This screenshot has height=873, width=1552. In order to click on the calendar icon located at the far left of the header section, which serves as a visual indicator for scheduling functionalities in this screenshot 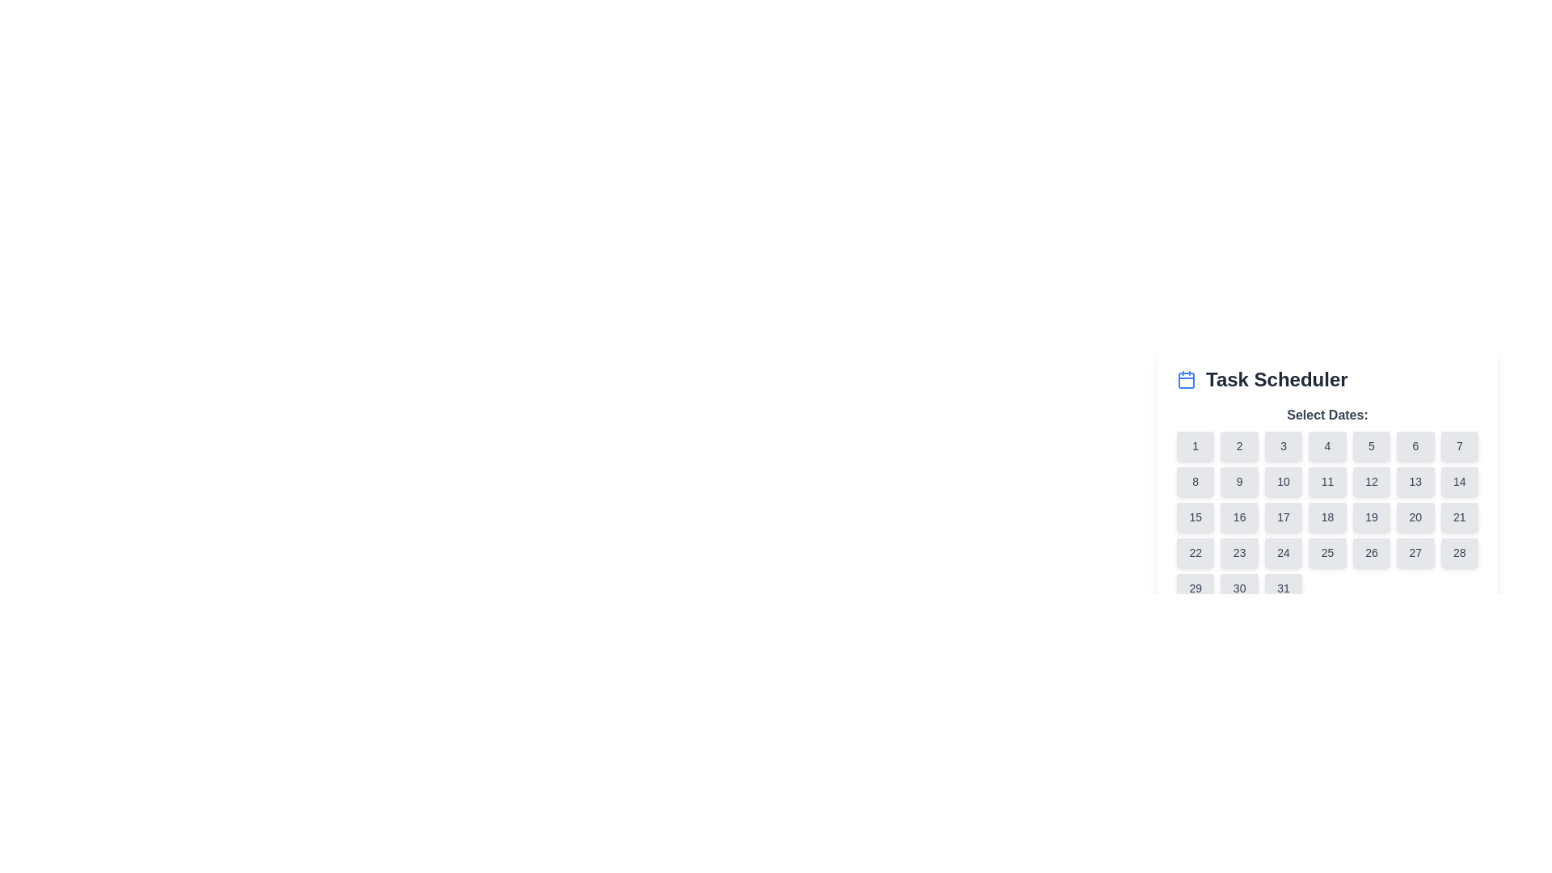, I will do `click(1187, 380)`.